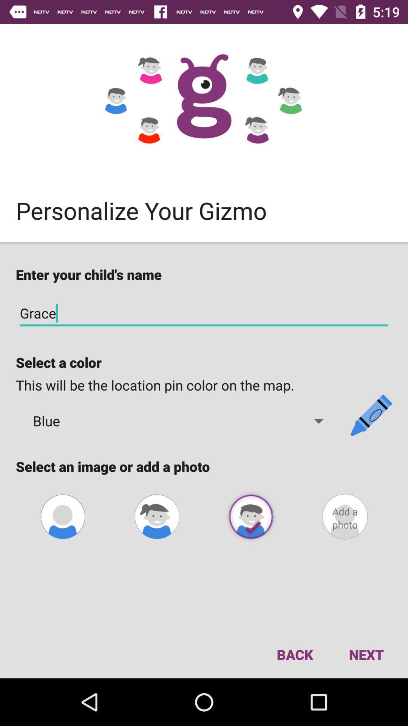  Describe the element at coordinates (251, 516) in the screenshot. I see `avatar` at that location.